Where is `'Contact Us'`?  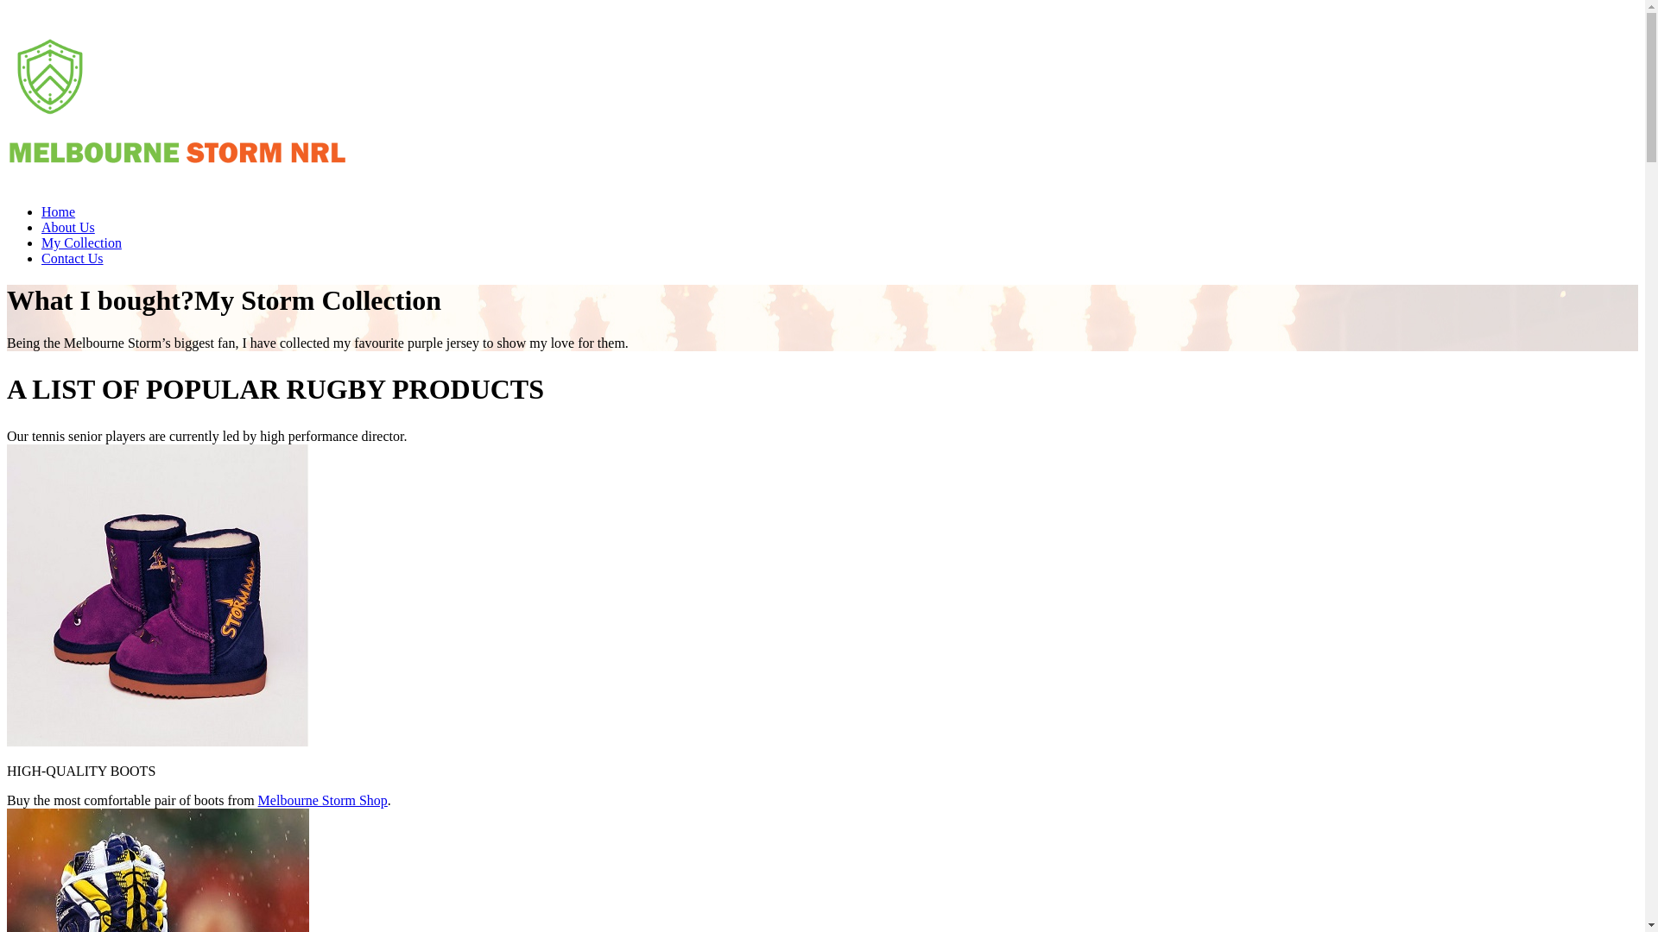
'Contact Us' is located at coordinates (71, 258).